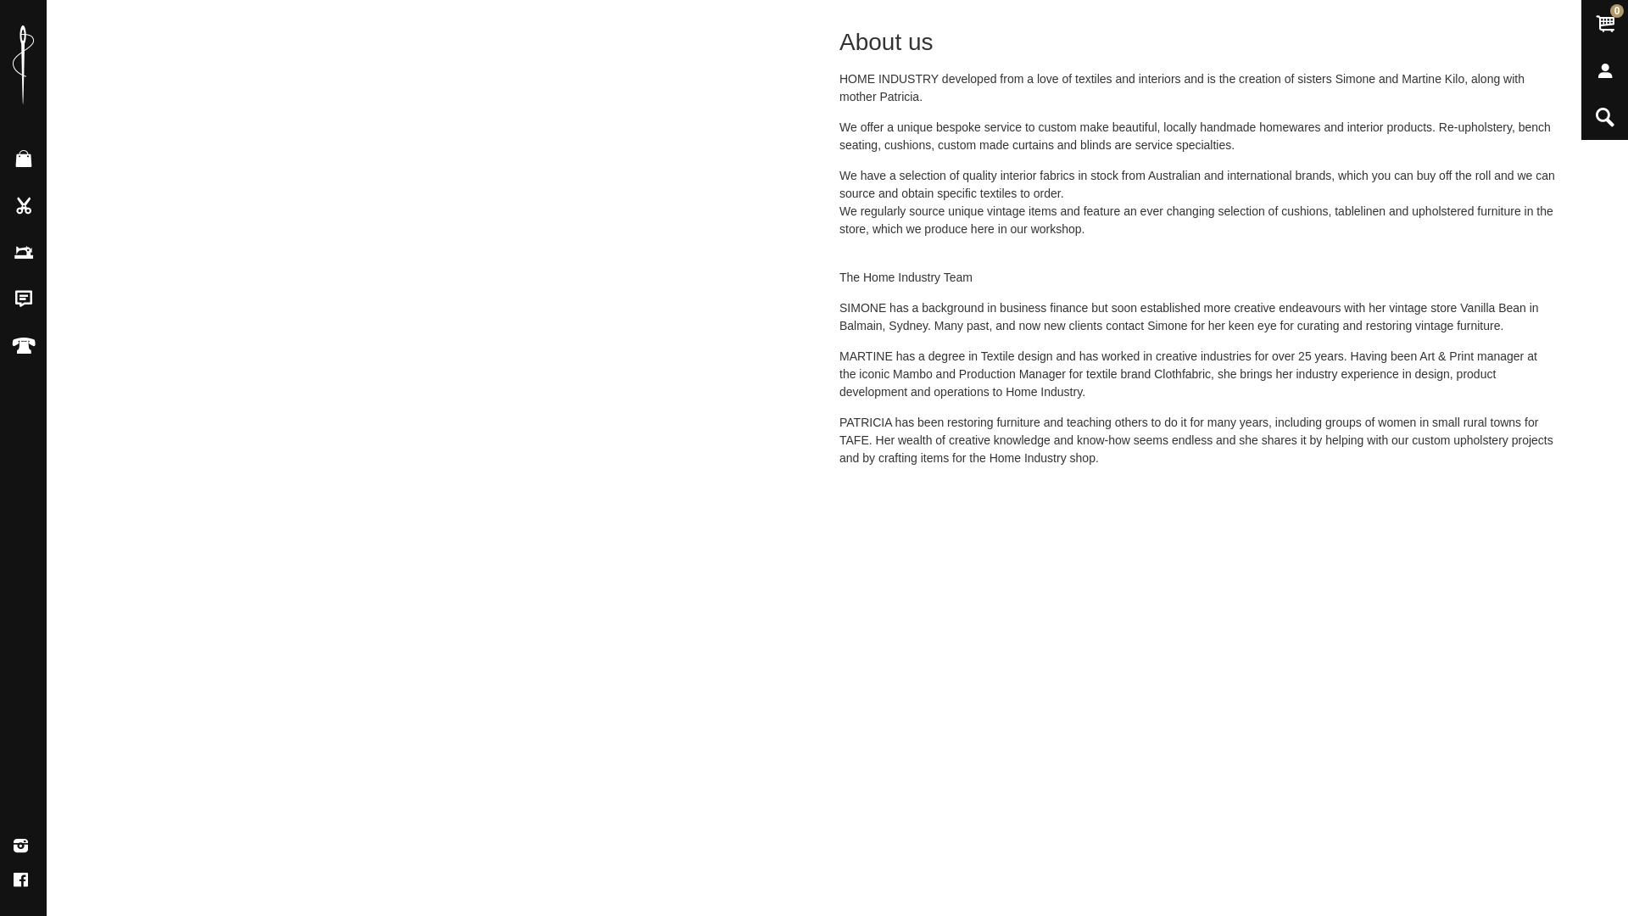 The image size is (1628, 916). Describe the element at coordinates (20, 846) in the screenshot. I see `'Instagram'` at that location.